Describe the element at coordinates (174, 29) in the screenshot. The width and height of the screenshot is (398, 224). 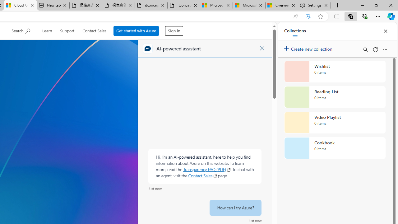
I see `'Sign in'` at that location.